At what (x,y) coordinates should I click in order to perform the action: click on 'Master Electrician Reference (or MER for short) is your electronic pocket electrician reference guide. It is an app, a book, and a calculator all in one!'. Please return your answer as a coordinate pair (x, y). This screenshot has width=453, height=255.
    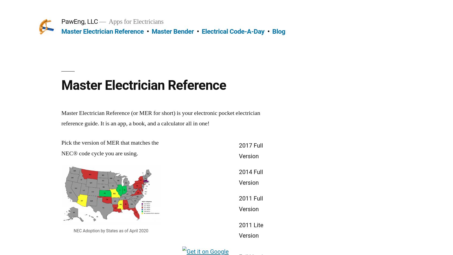
    Looking at the image, I should click on (160, 118).